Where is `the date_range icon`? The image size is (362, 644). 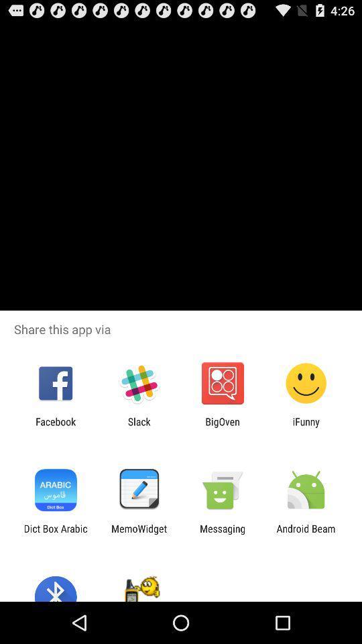
the date_range icon is located at coordinates (329, 568).